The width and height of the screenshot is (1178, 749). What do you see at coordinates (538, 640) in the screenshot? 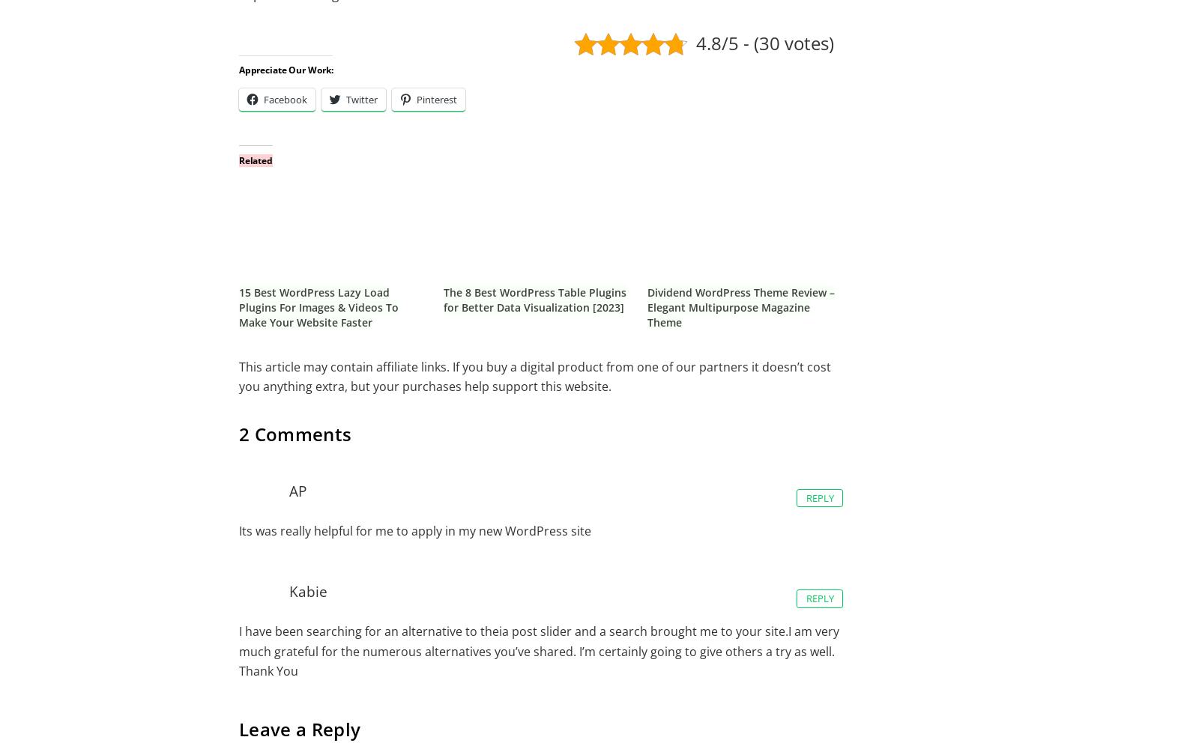
I see `'I have been searching for an alternative to theia post slider and a search brought me to your site.I am very much grateful for the numerous alternatives you’ve shared. I’m certainly going to give others a try as well.'` at bounding box center [538, 640].